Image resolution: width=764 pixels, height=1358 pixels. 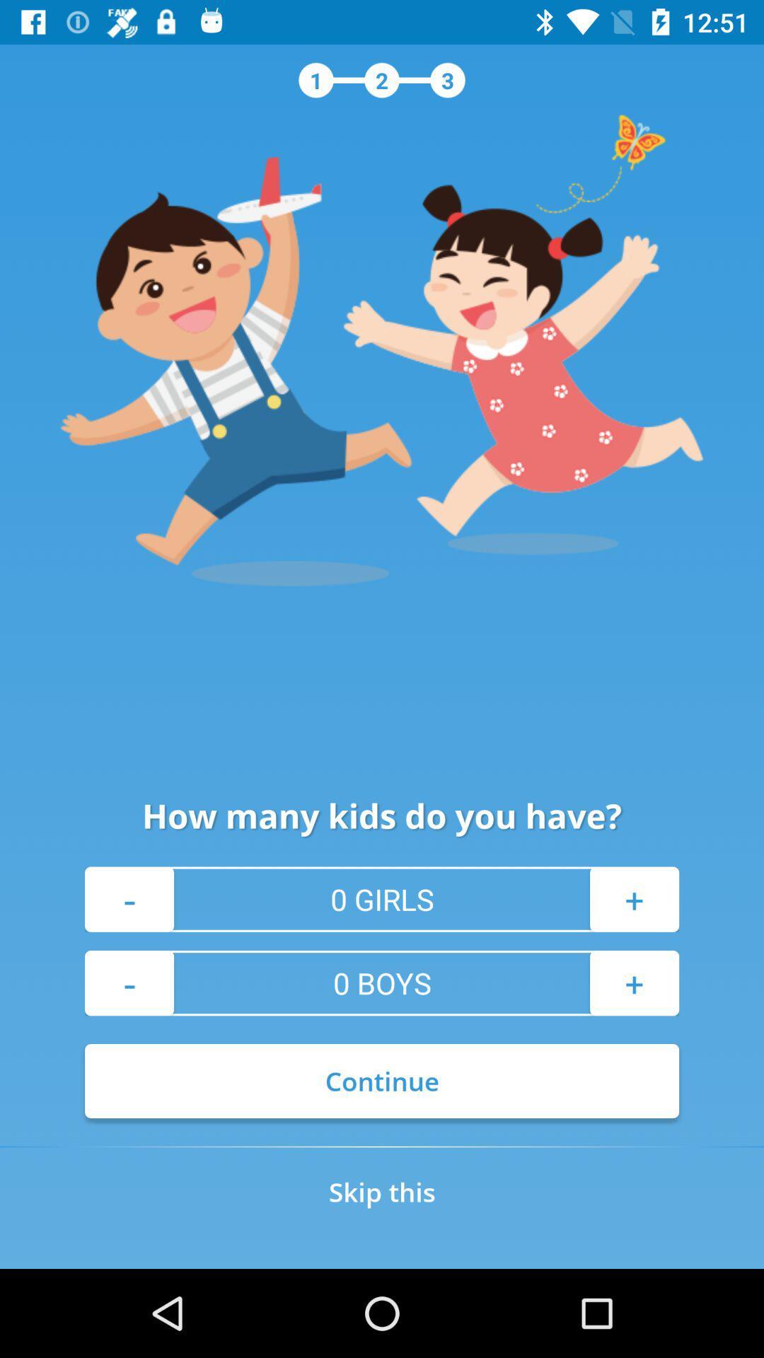 What do you see at coordinates (129, 982) in the screenshot?
I see `- at the bottom left corner` at bounding box center [129, 982].